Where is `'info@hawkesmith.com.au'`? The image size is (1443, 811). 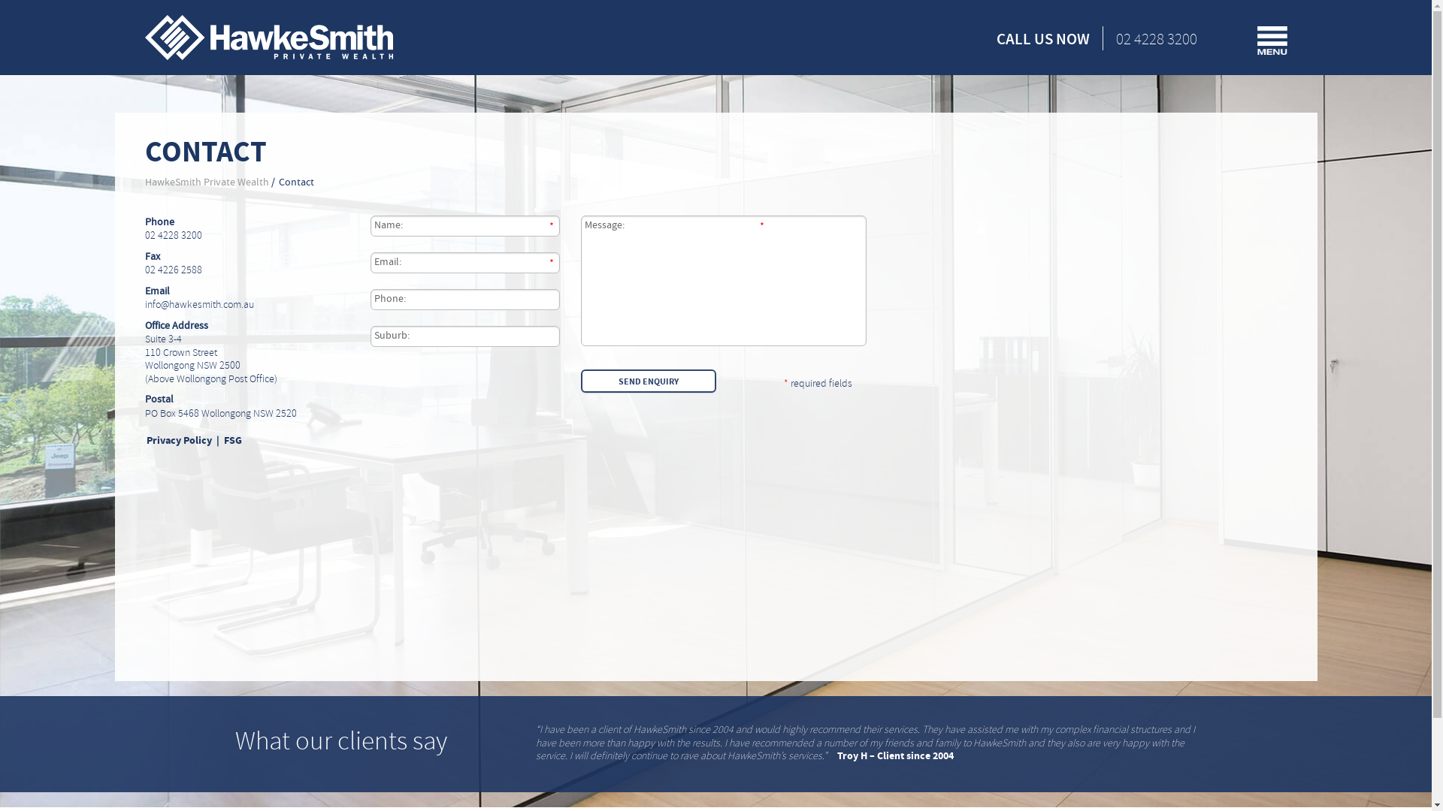 'info@hawkesmith.com.au' is located at coordinates (198, 304).